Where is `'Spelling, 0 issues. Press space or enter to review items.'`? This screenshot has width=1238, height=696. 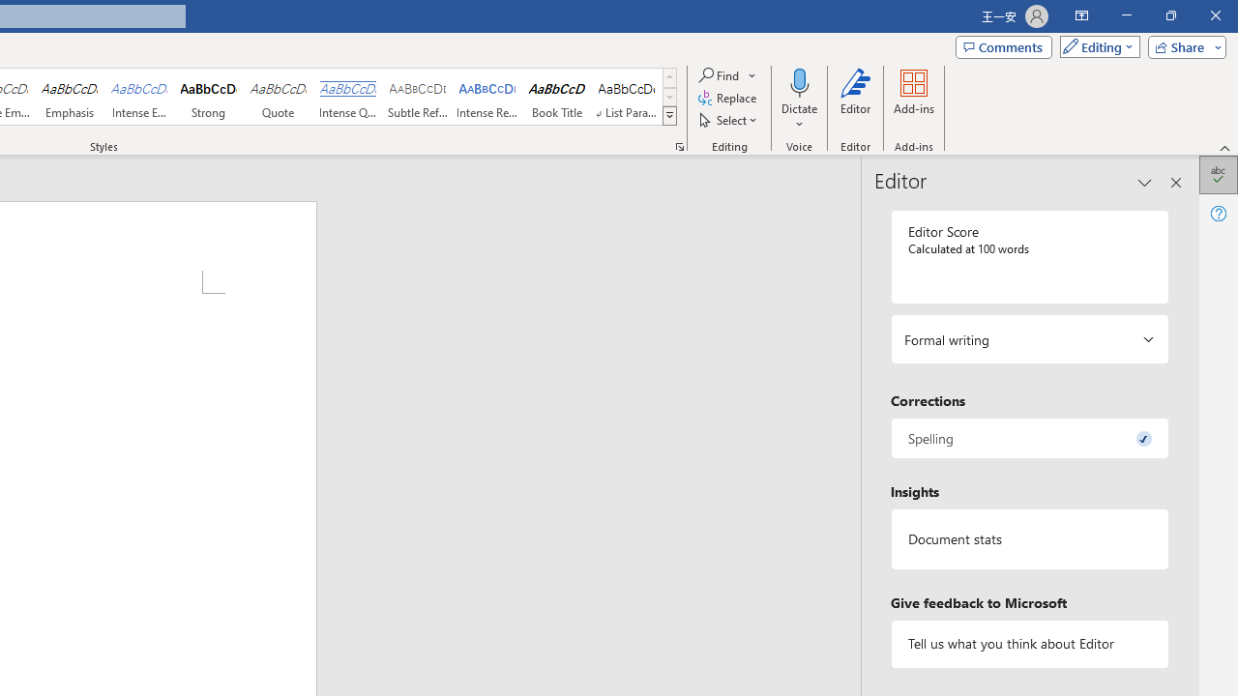
'Spelling, 0 issues. Press space or enter to review items.' is located at coordinates (1028, 438).